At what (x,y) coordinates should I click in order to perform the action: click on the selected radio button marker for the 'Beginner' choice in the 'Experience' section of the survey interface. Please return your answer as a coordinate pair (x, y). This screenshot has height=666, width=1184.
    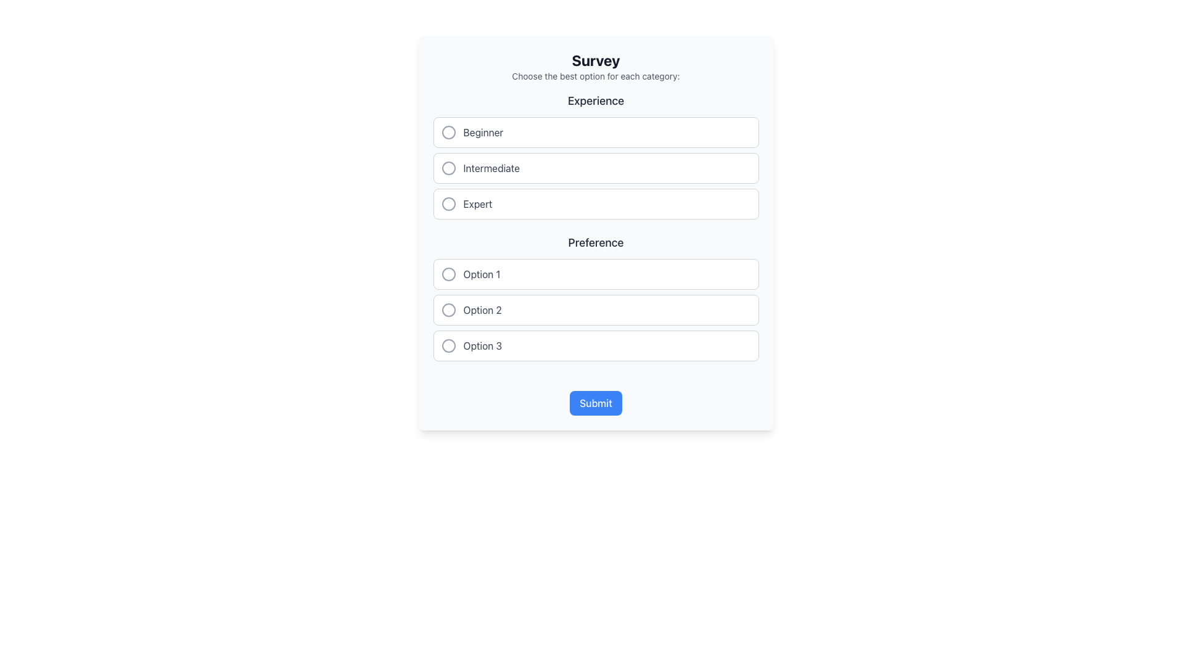
    Looking at the image, I should click on (448, 133).